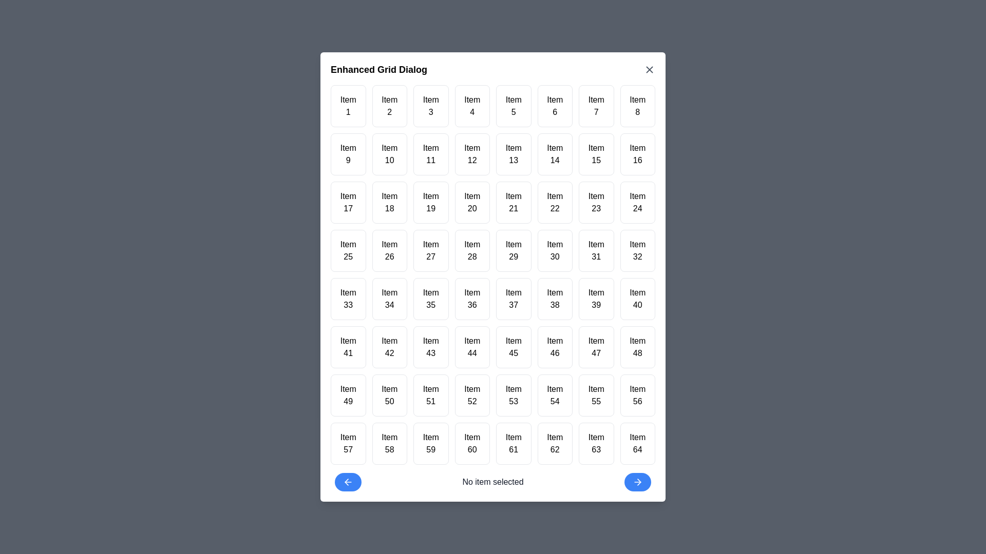 This screenshot has width=986, height=554. I want to click on the close button to close the dialog, so click(649, 69).